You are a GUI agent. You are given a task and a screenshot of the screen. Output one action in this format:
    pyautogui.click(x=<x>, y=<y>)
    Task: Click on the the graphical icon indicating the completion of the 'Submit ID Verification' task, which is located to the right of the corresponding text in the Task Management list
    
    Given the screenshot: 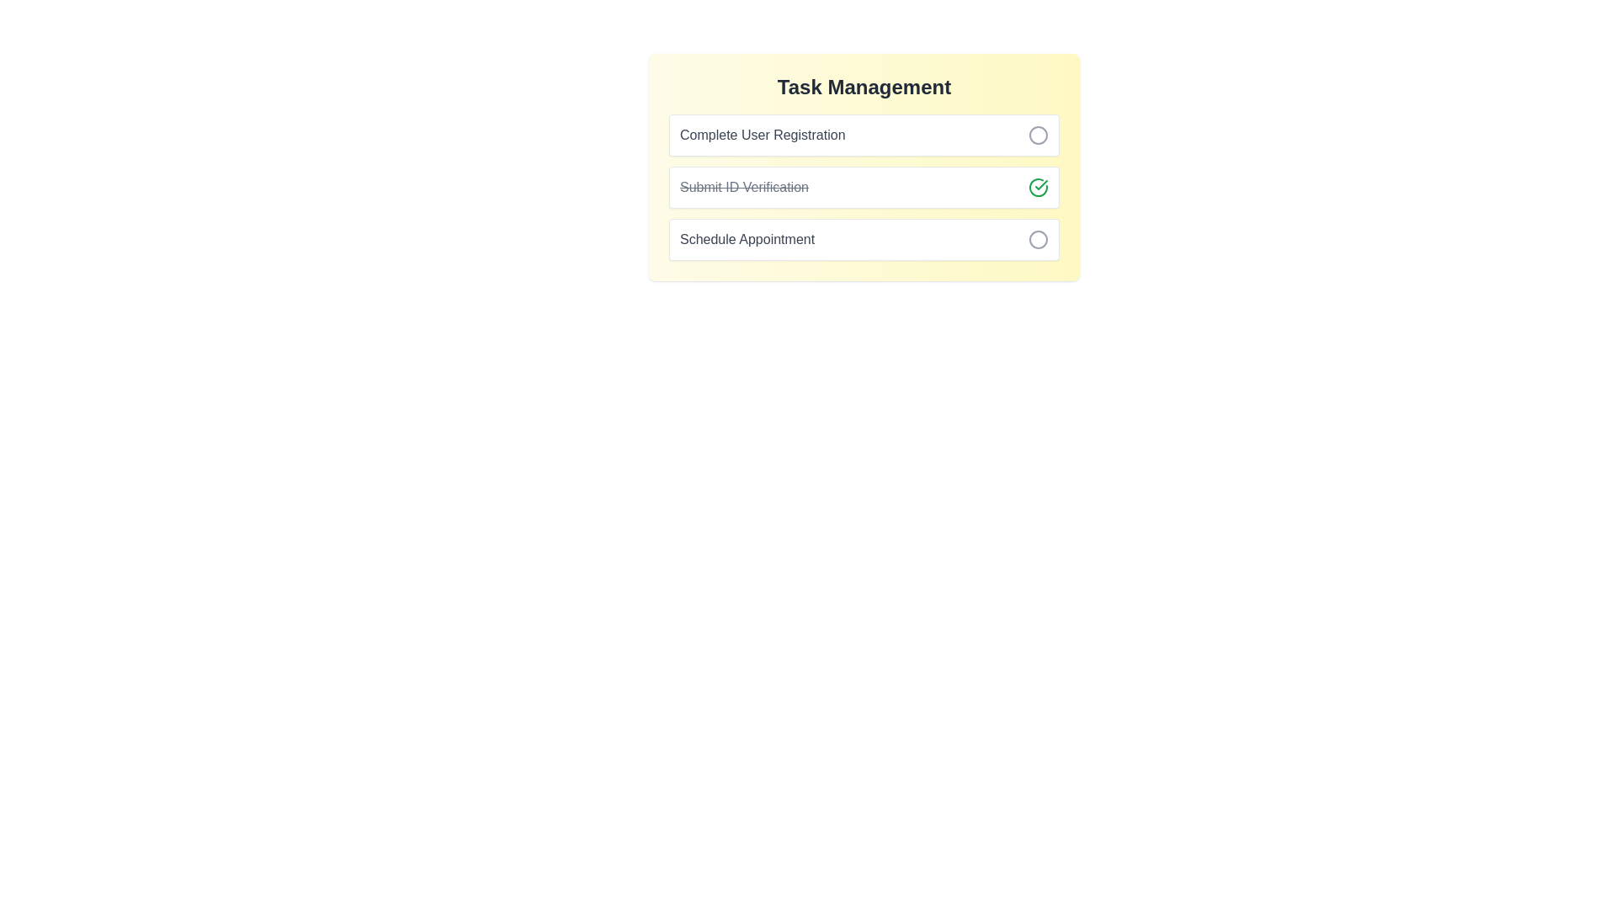 What is the action you would take?
    pyautogui.click(x=1037, y=188)
    